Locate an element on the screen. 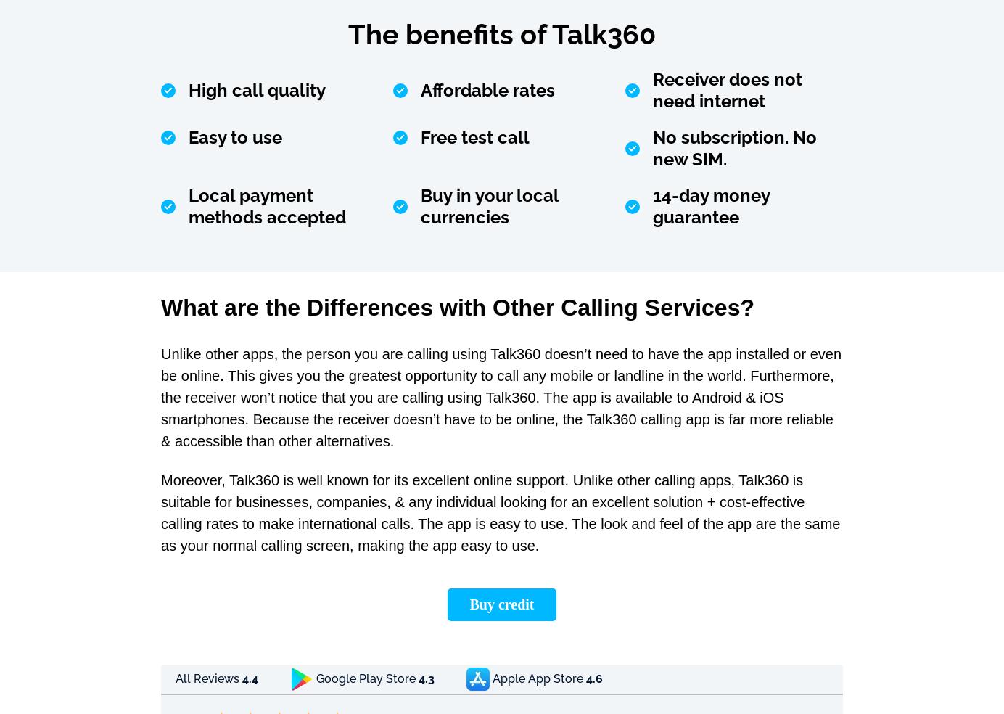 The height and width of the screenshot is (714, 1004). '4.4' is located at coordinates (250, 678).